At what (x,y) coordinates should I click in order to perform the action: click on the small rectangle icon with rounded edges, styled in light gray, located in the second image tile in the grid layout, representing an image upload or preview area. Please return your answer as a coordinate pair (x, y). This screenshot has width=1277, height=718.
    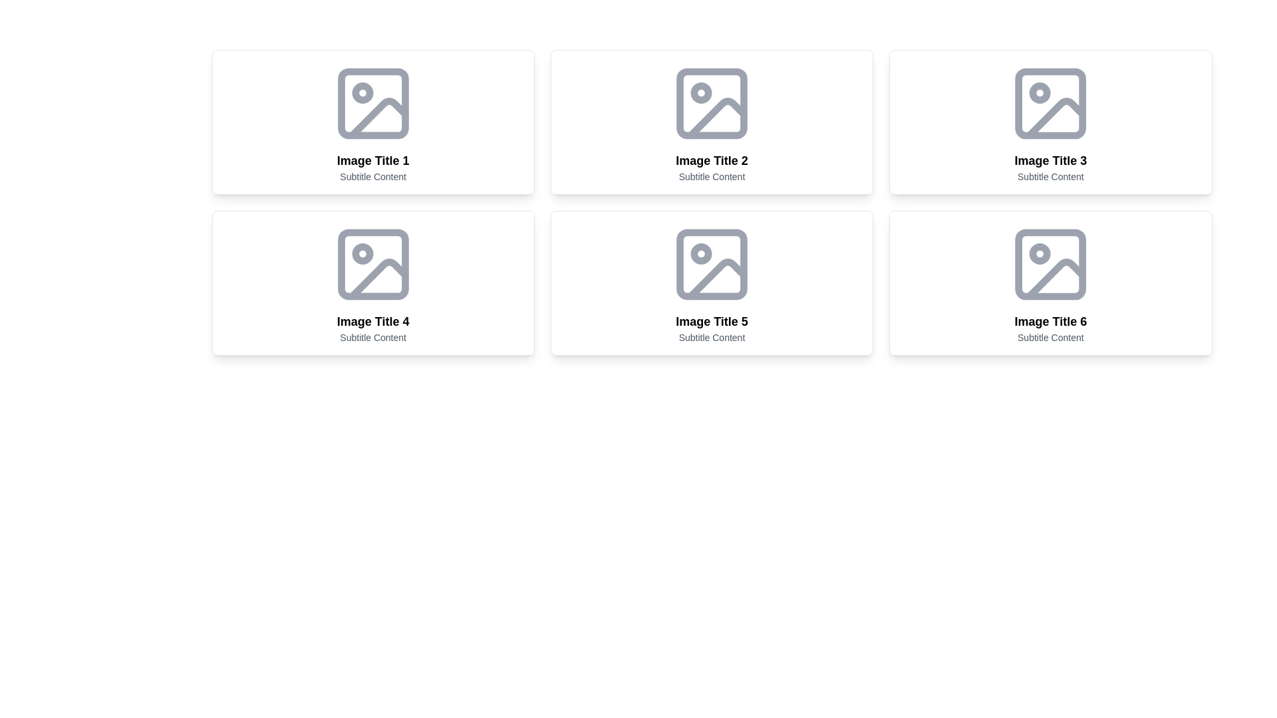
    Looking at the image, I should click on (711, 102).